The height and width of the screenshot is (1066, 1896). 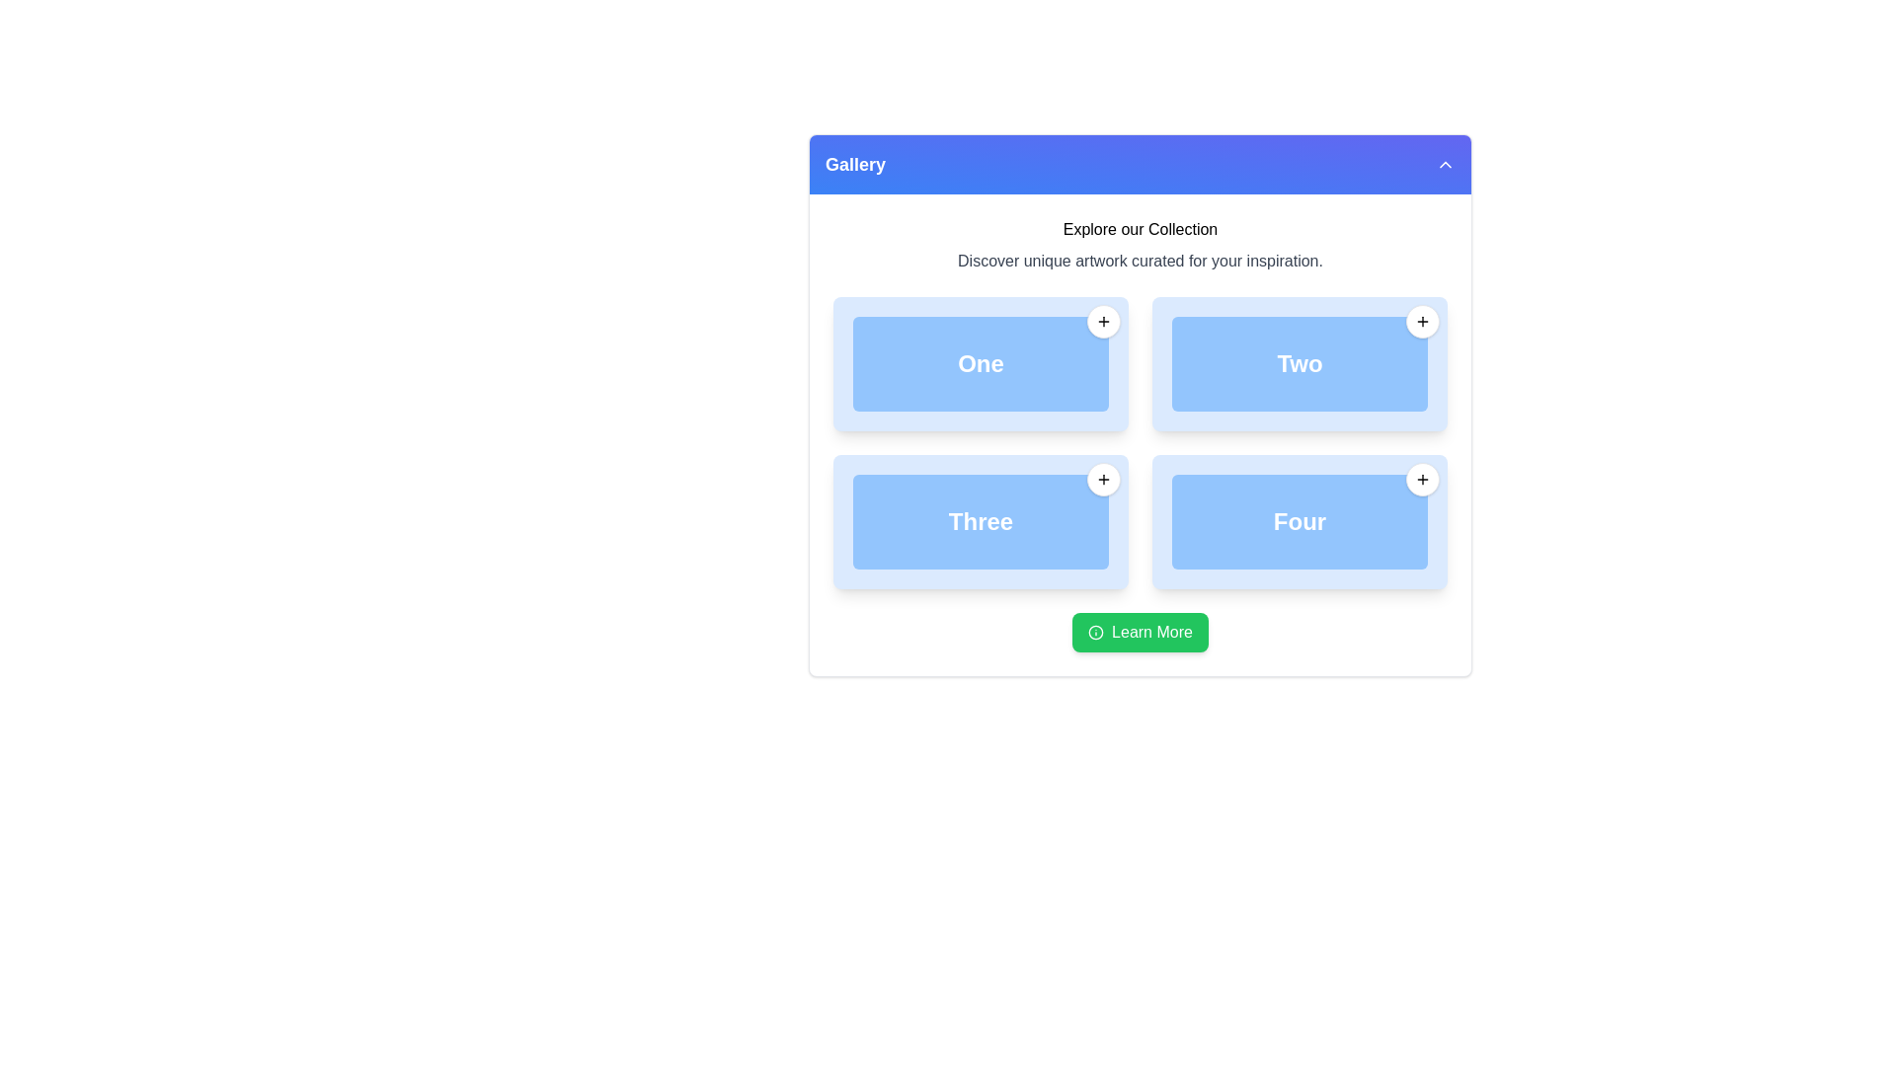 What do you see at coordinates (1300, 364) in the screenshot?
I see `the button labeled 'Two' located in the second column of the first row in a grid layout` at bounding box center [1300, 364].